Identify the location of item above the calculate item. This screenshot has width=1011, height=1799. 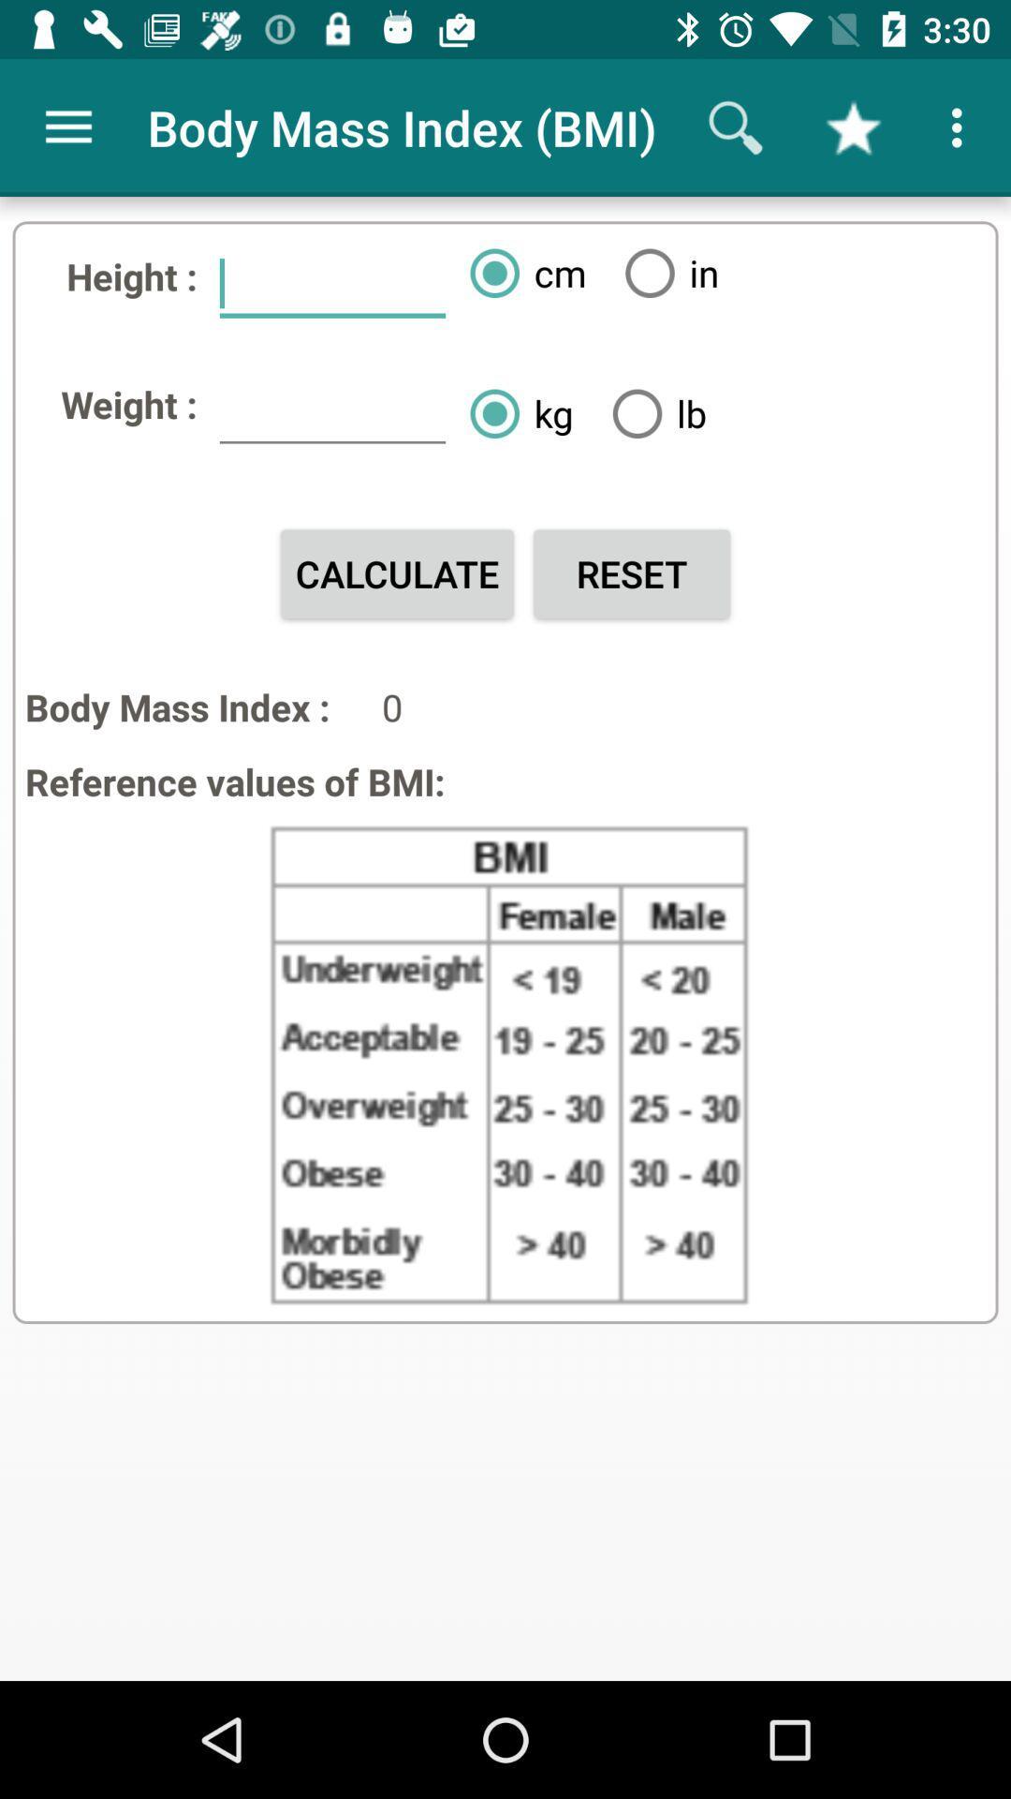
(331, 411).